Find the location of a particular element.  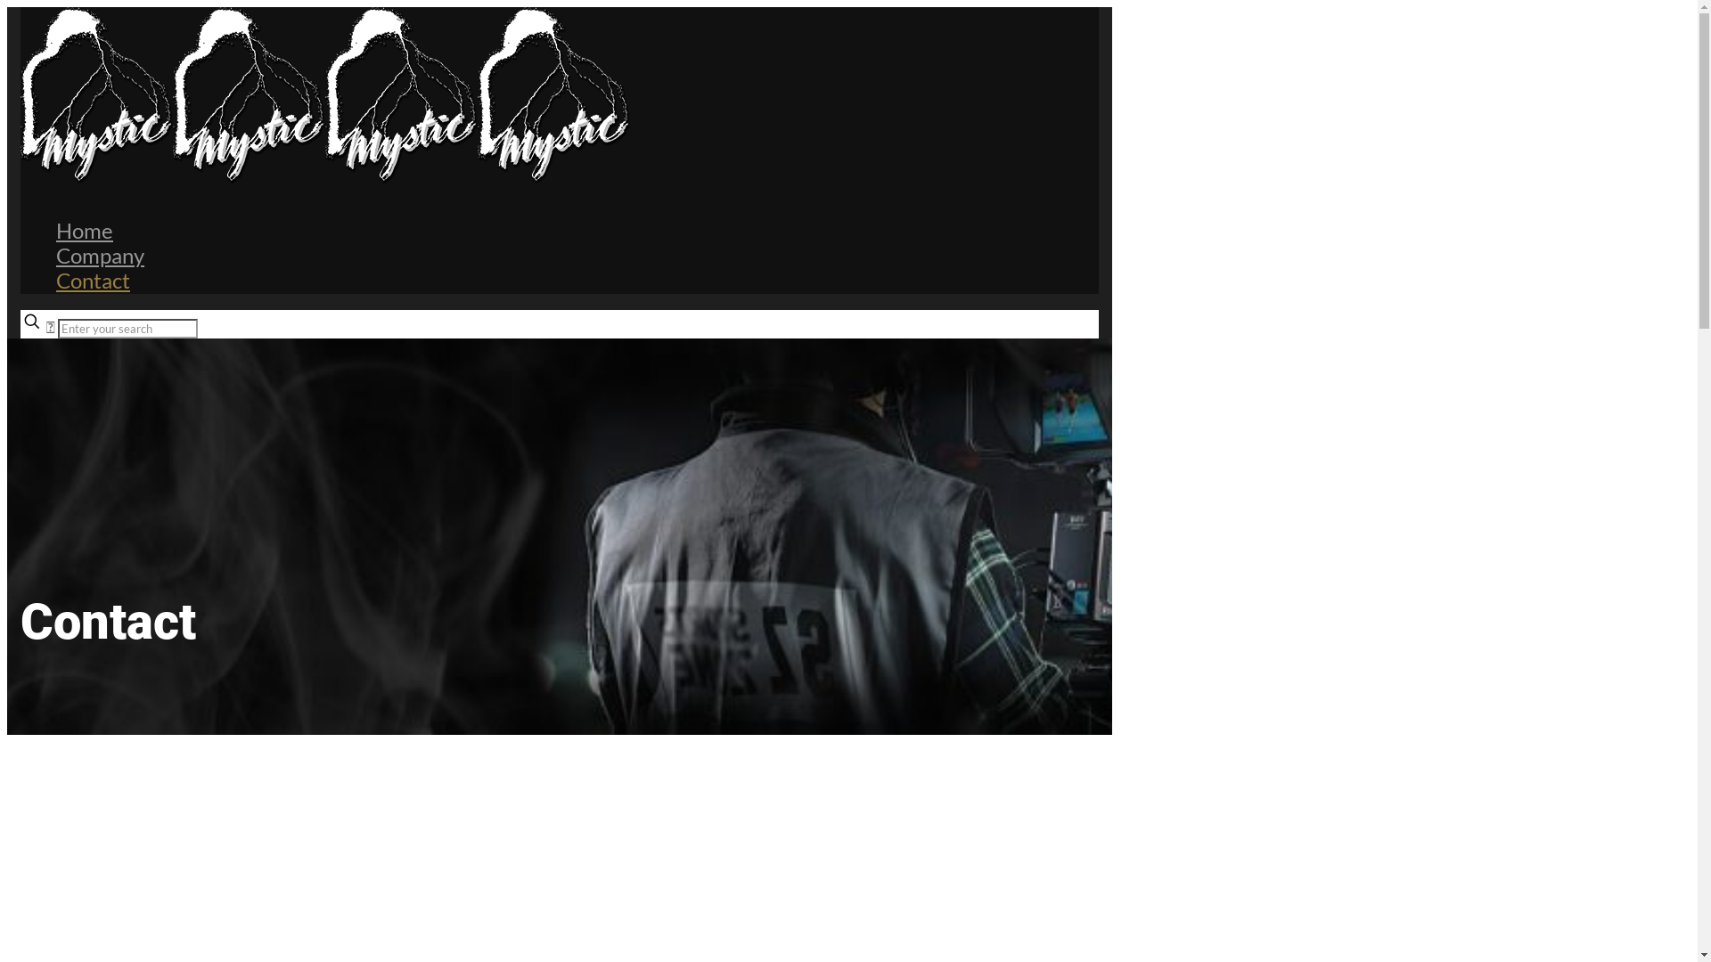

'Mystic Entertainmentz' is located at coordinates (324, 178).